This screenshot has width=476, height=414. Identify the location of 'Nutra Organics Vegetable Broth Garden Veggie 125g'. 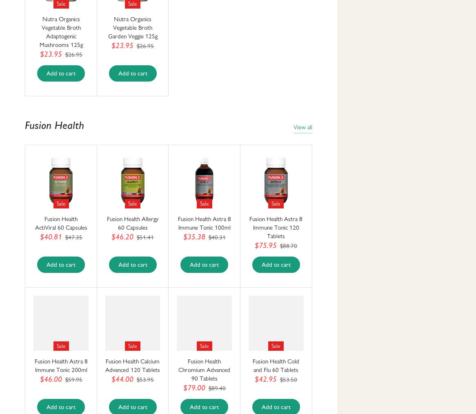
(132, 27).